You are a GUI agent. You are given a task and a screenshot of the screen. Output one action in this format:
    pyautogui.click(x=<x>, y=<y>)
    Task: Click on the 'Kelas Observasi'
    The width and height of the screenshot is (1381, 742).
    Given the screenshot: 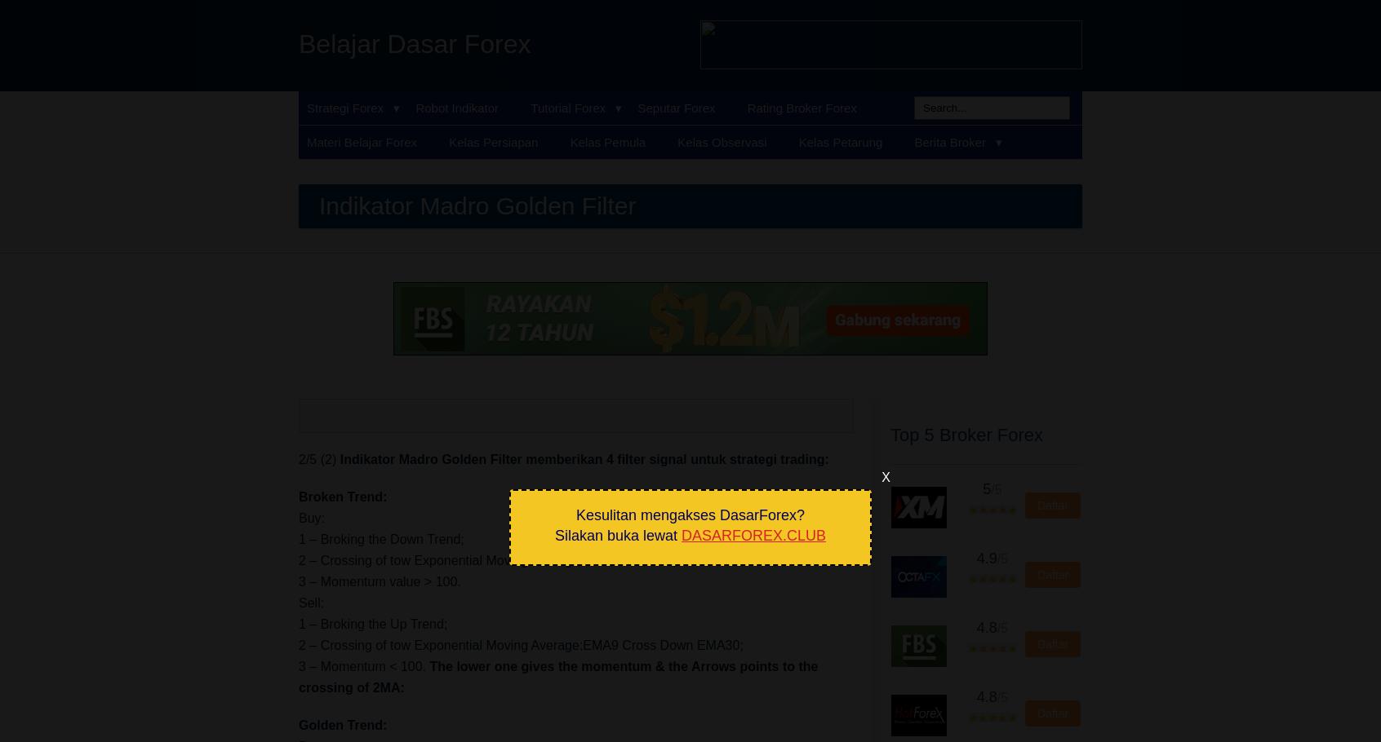 What is the action you would take?
    pyautogui.click(x=721, y=142)
    